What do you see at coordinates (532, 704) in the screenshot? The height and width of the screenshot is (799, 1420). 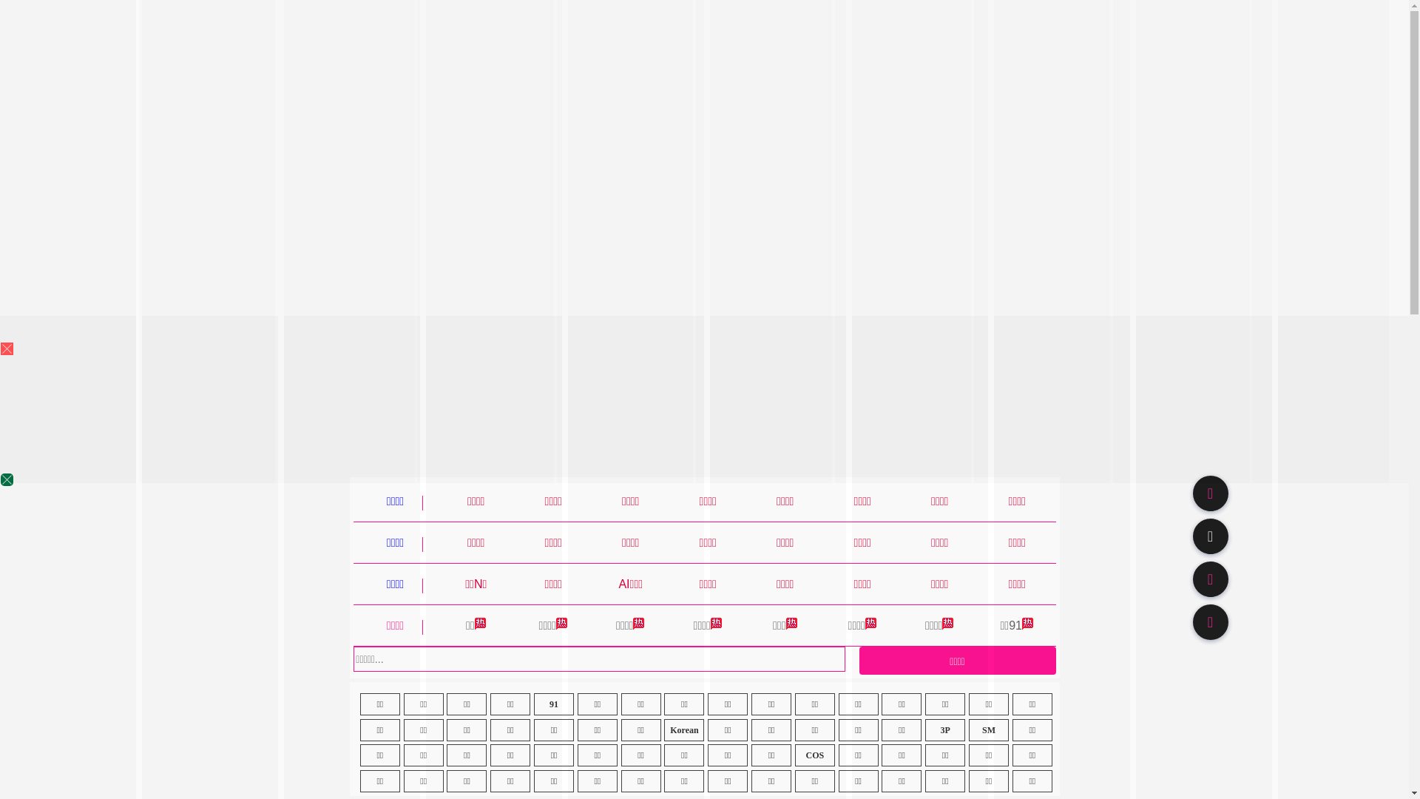 I see `'91'` at bounding box center [532, 704].